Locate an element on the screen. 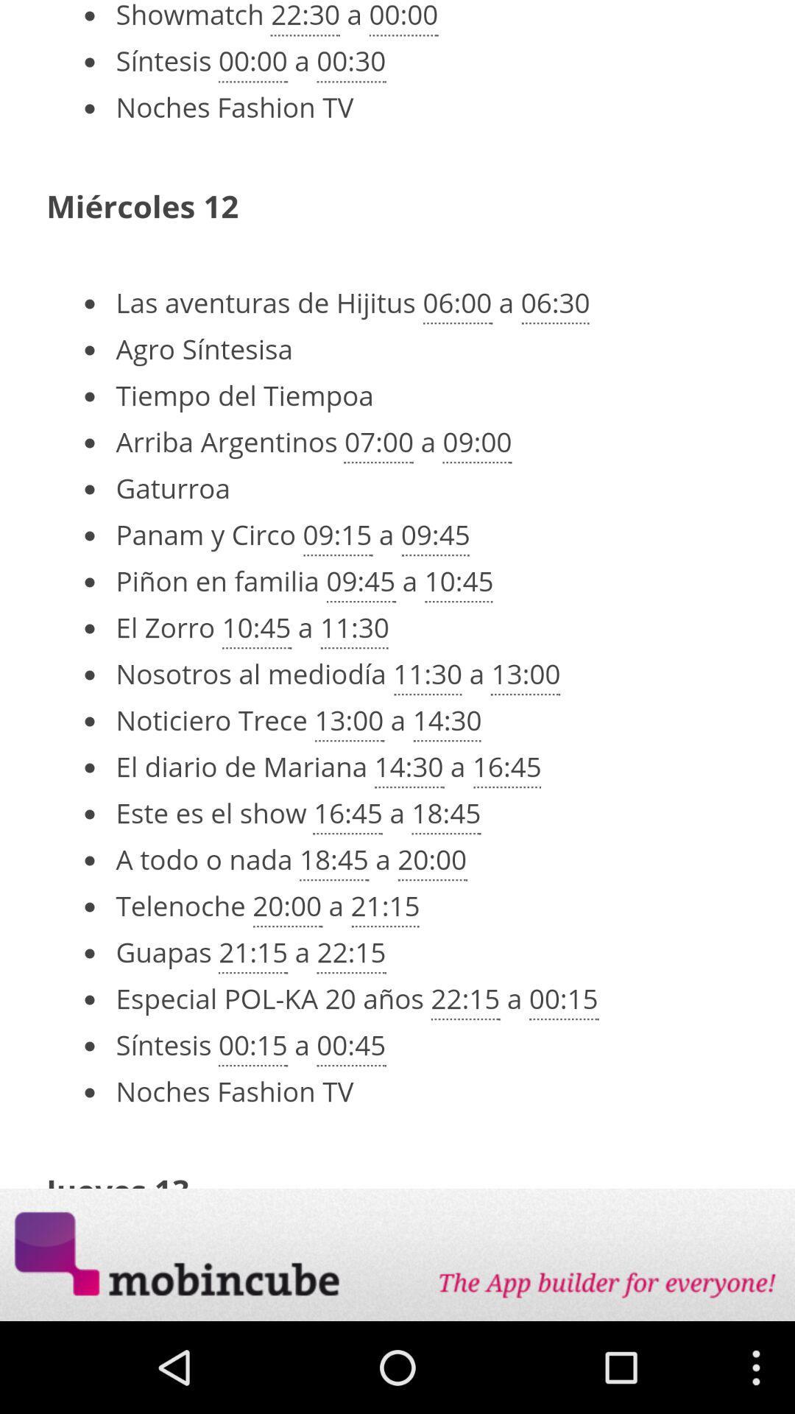  for advertisement is located at coordinates (397, 1254).